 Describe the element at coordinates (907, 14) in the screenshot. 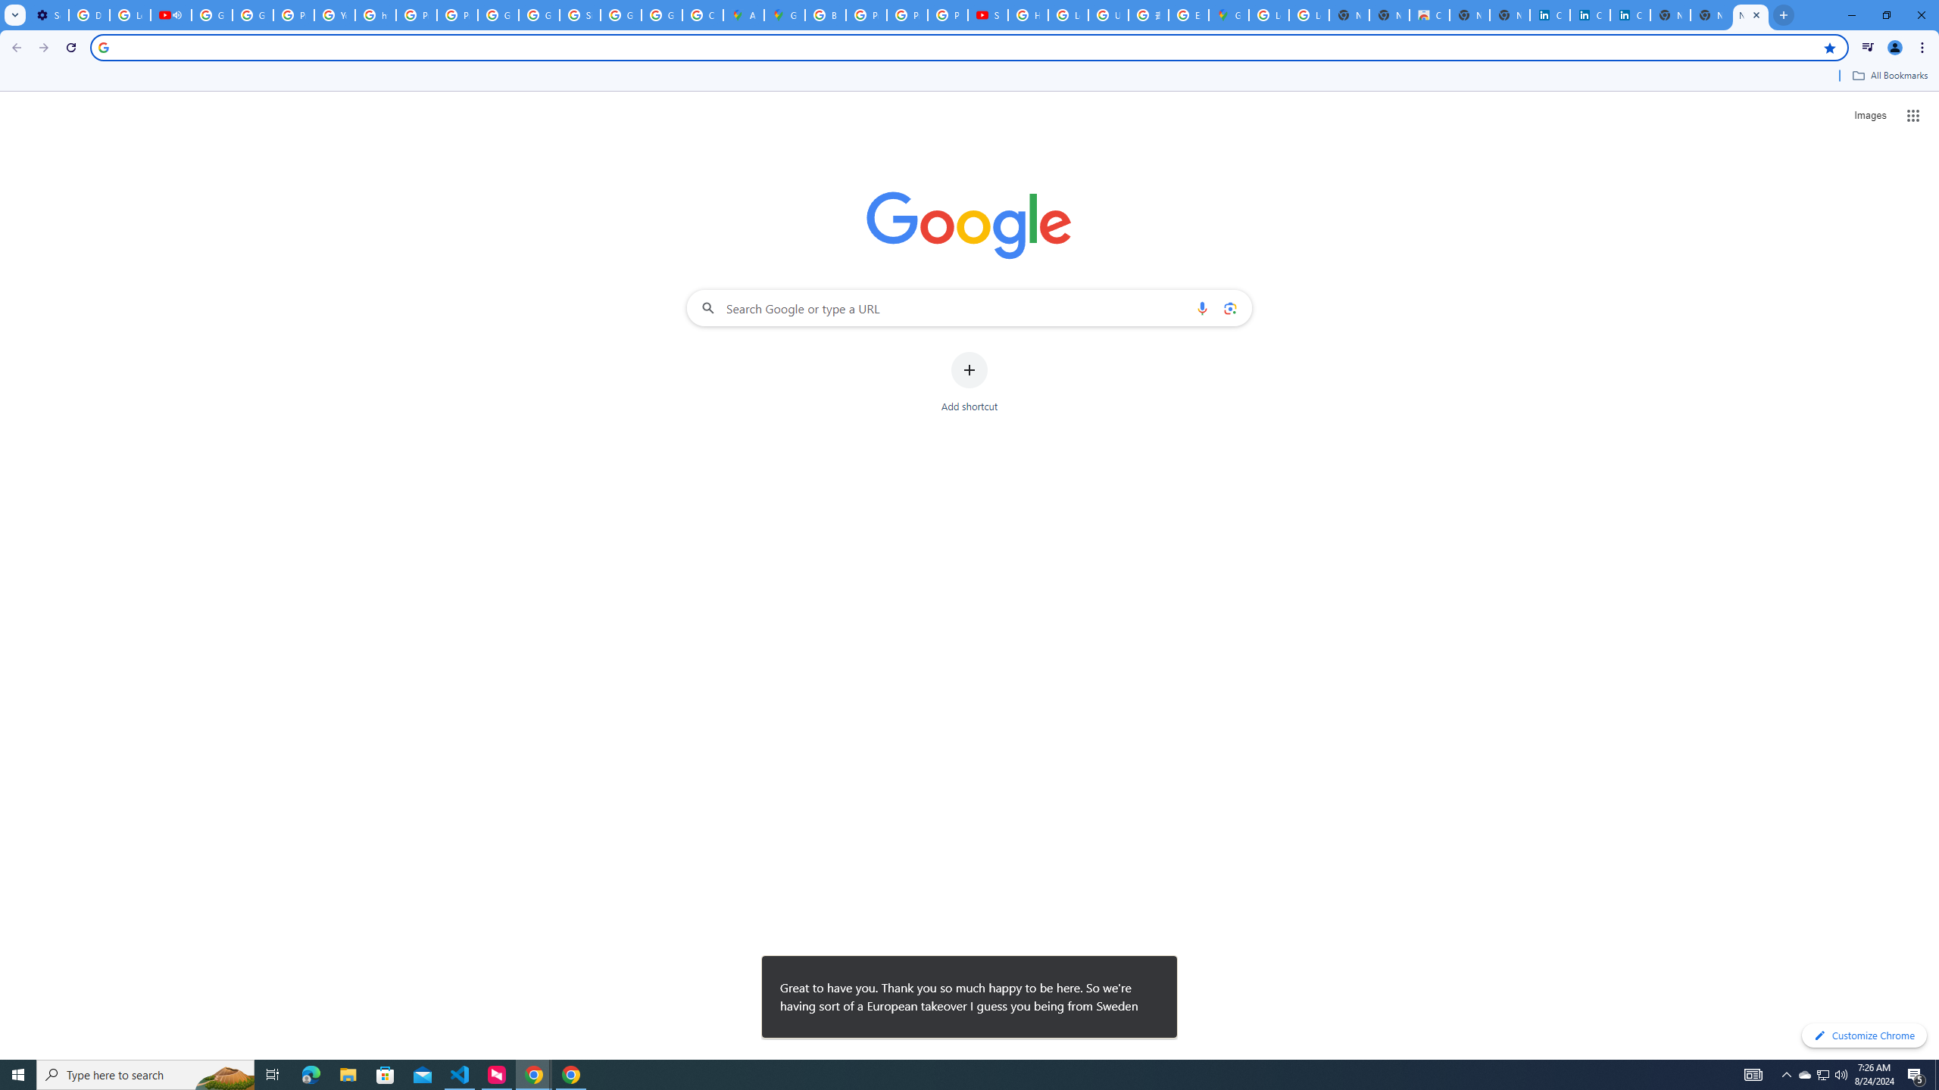

I see `'Privacy Help Center - Policies Help'` at that location.